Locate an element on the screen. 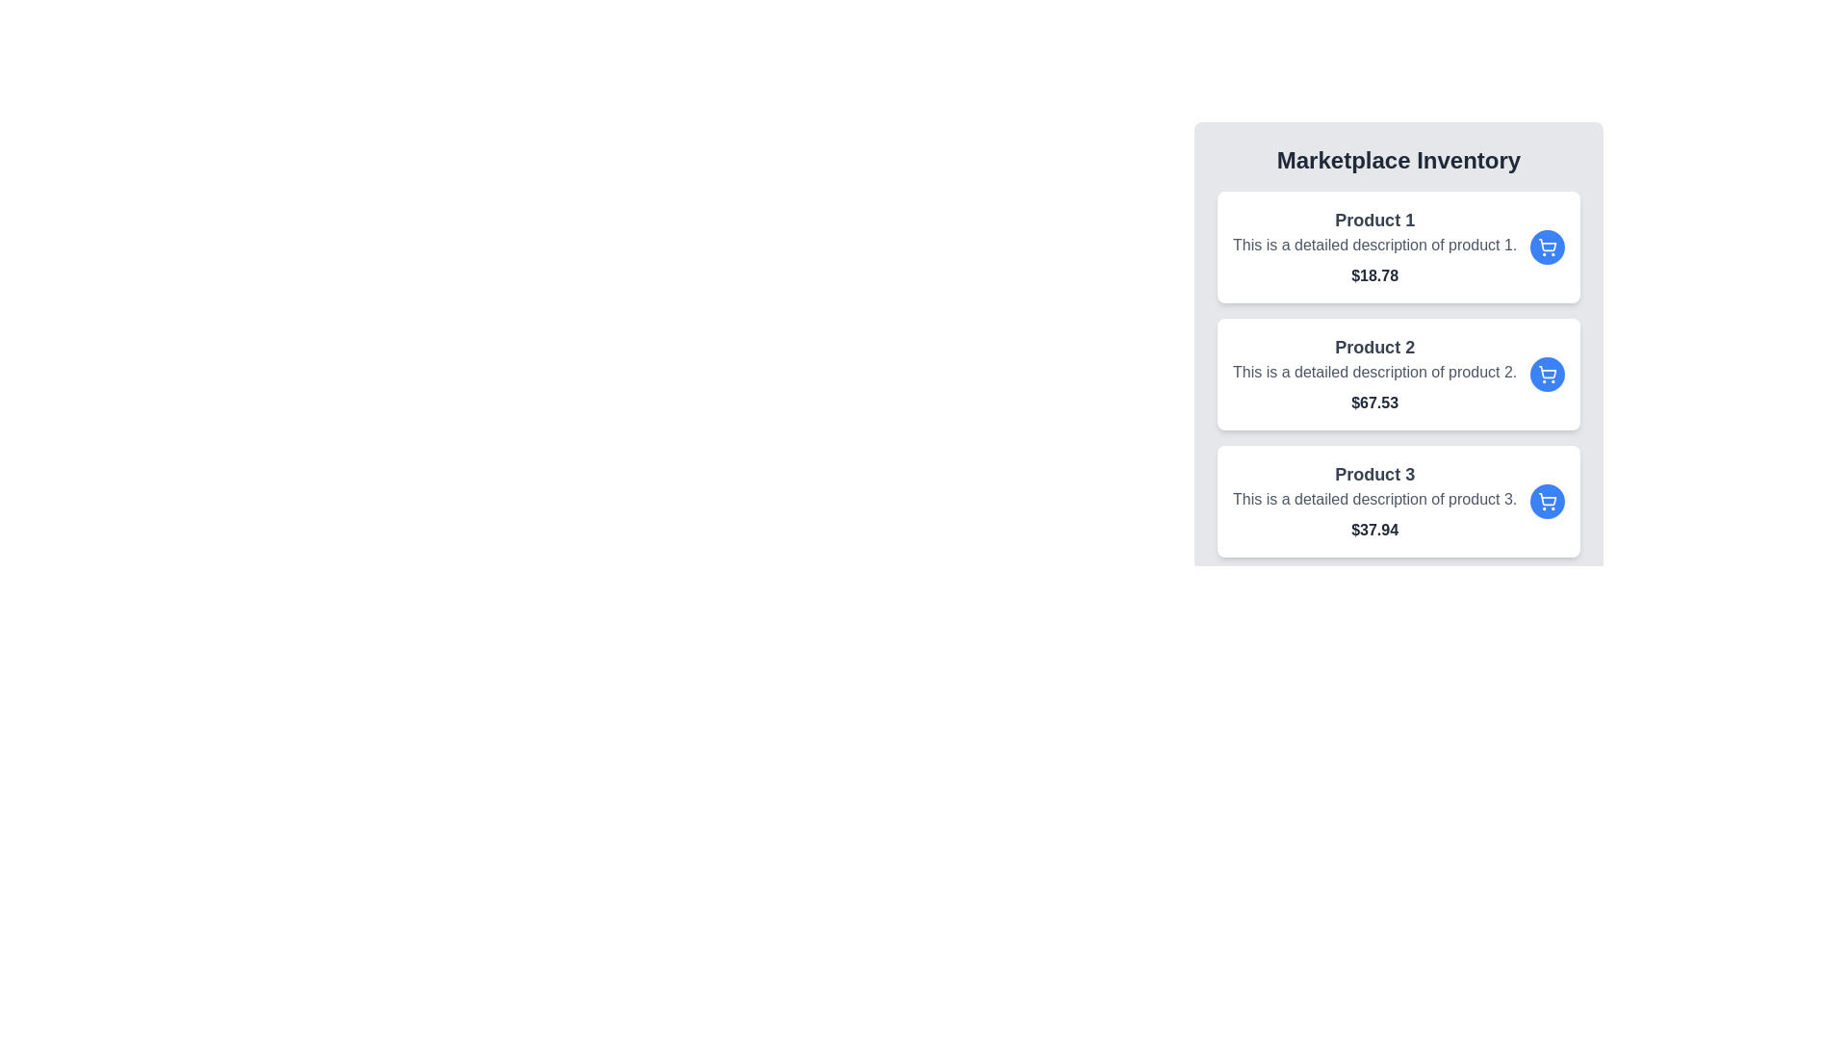  descriptive summary text about 'Product 3' located below the product title and above the price '$37.94' in the product card on the right side of the interface is located at coordinates (1373, 499).